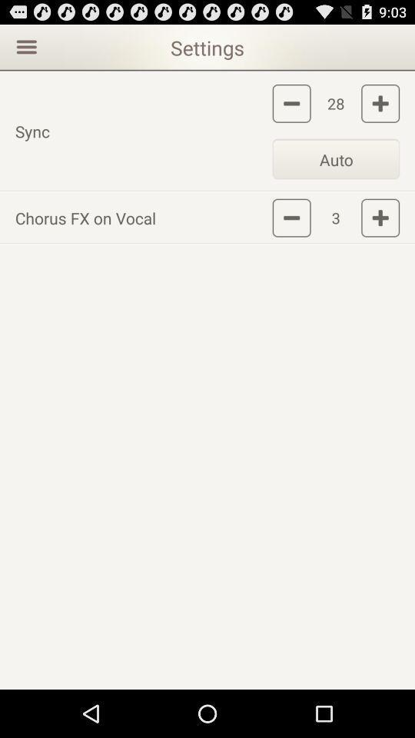 The image size is (415, 738). I want to click on opens menu, so click(24, 45).